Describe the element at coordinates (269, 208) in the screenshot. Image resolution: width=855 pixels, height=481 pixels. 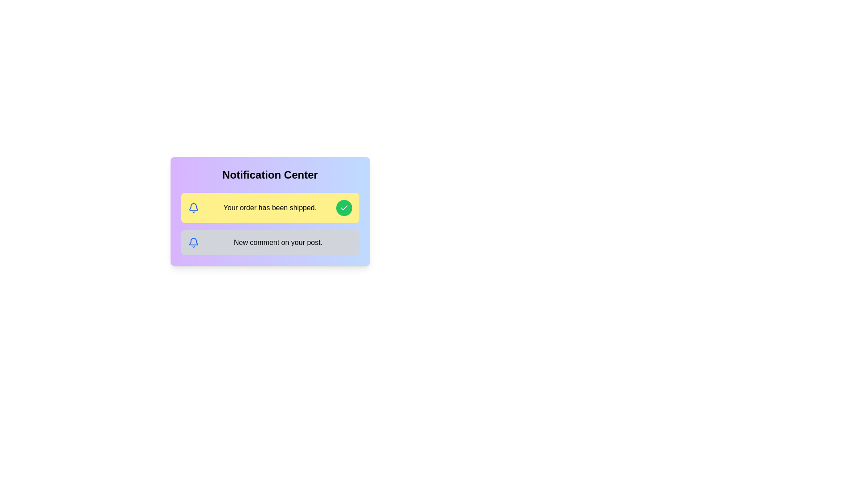
I see `notification text from the notification block with a yellow background and the message 'Your order has been shipped.'` at that location.